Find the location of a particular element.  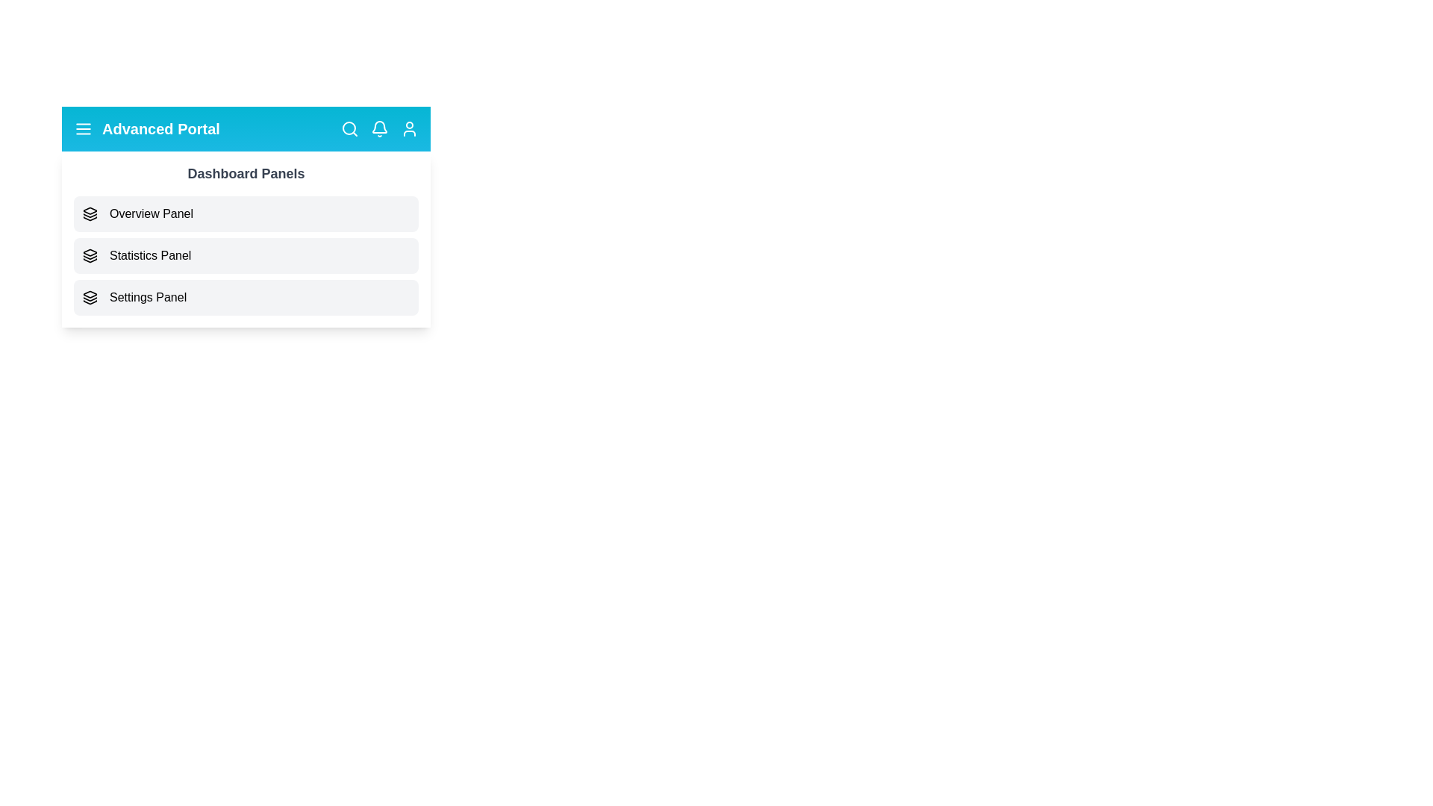

the Overview Panel panel to view its content is located at coordinates (246, 213).